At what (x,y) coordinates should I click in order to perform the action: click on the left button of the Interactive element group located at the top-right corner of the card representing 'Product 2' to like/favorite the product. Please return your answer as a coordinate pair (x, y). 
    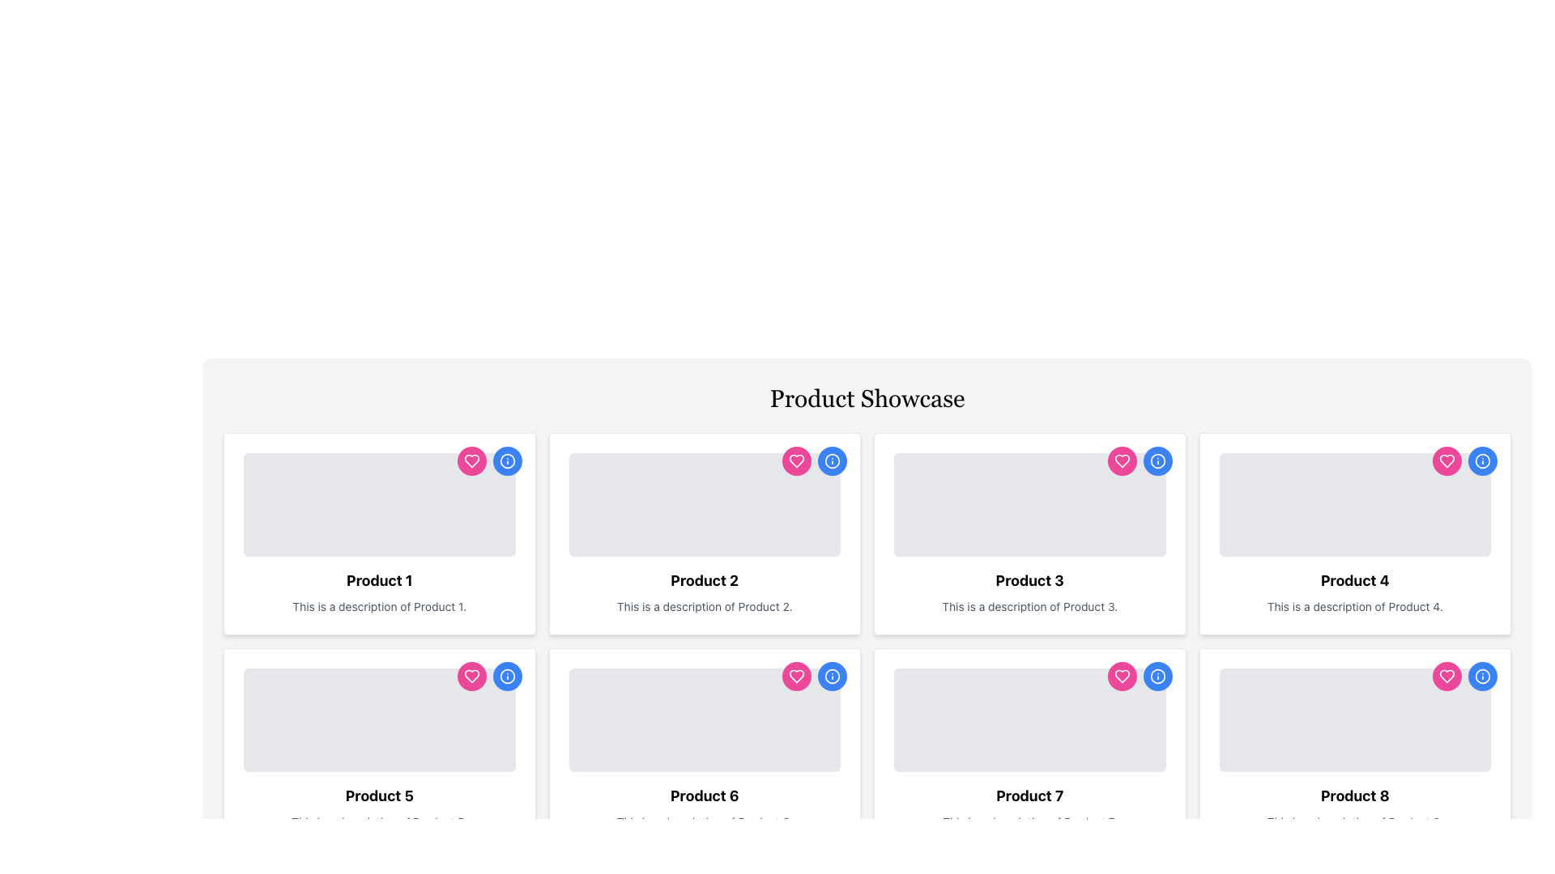
    Looking at the image, I should click on (815, 461).